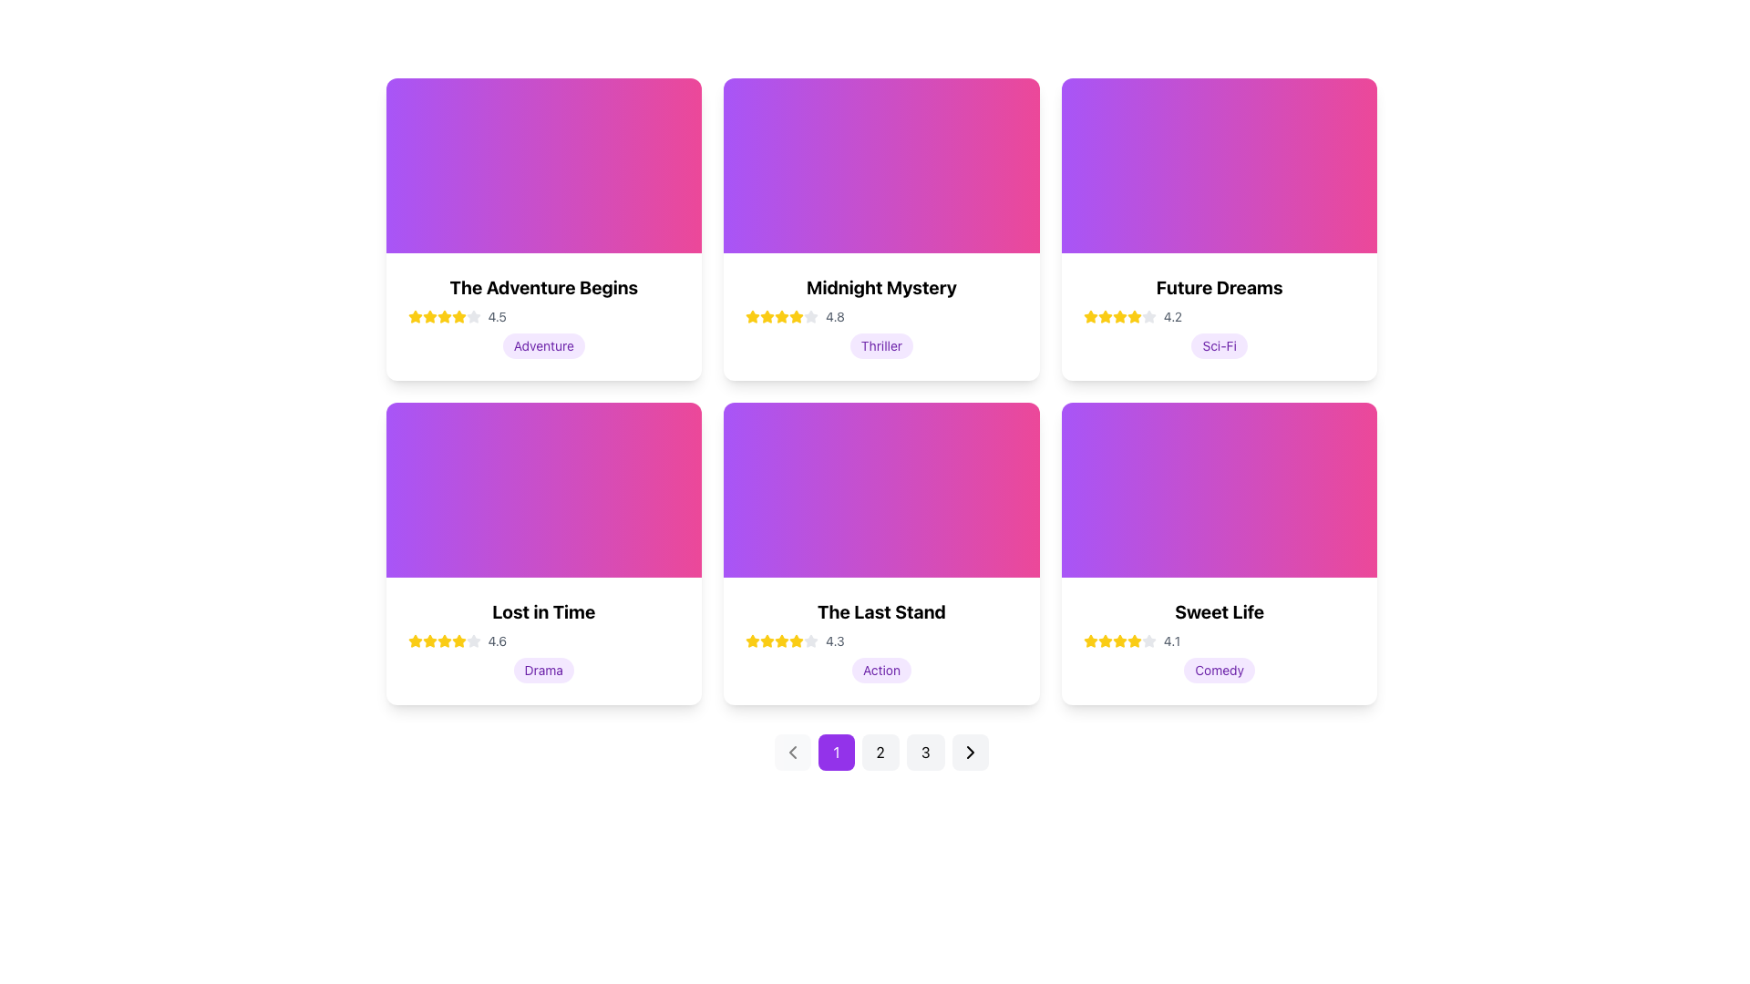 Image resolution: width=1750 pixels, height=984 pixels. I want to click on the second yellow star-shaped rating icon located in the rating area of the first card in the top-left section of the layout, so click(444, 315).